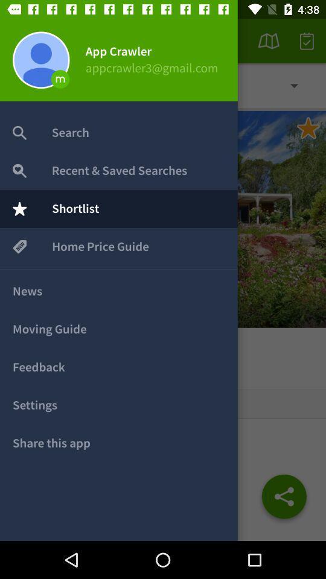 The image size is (326, 579). I want to click on the second icon from the top right corner, so click(269, 41).